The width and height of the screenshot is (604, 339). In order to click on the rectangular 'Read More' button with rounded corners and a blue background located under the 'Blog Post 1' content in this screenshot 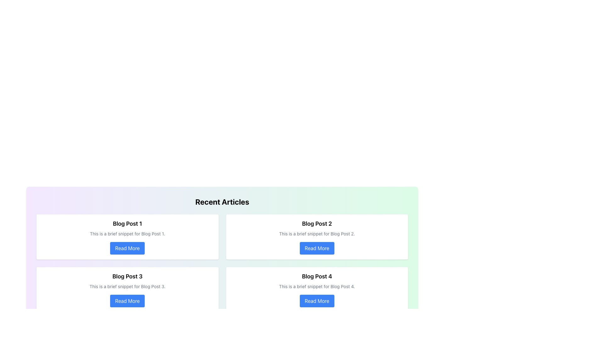, I will do `click(127, 248)`.